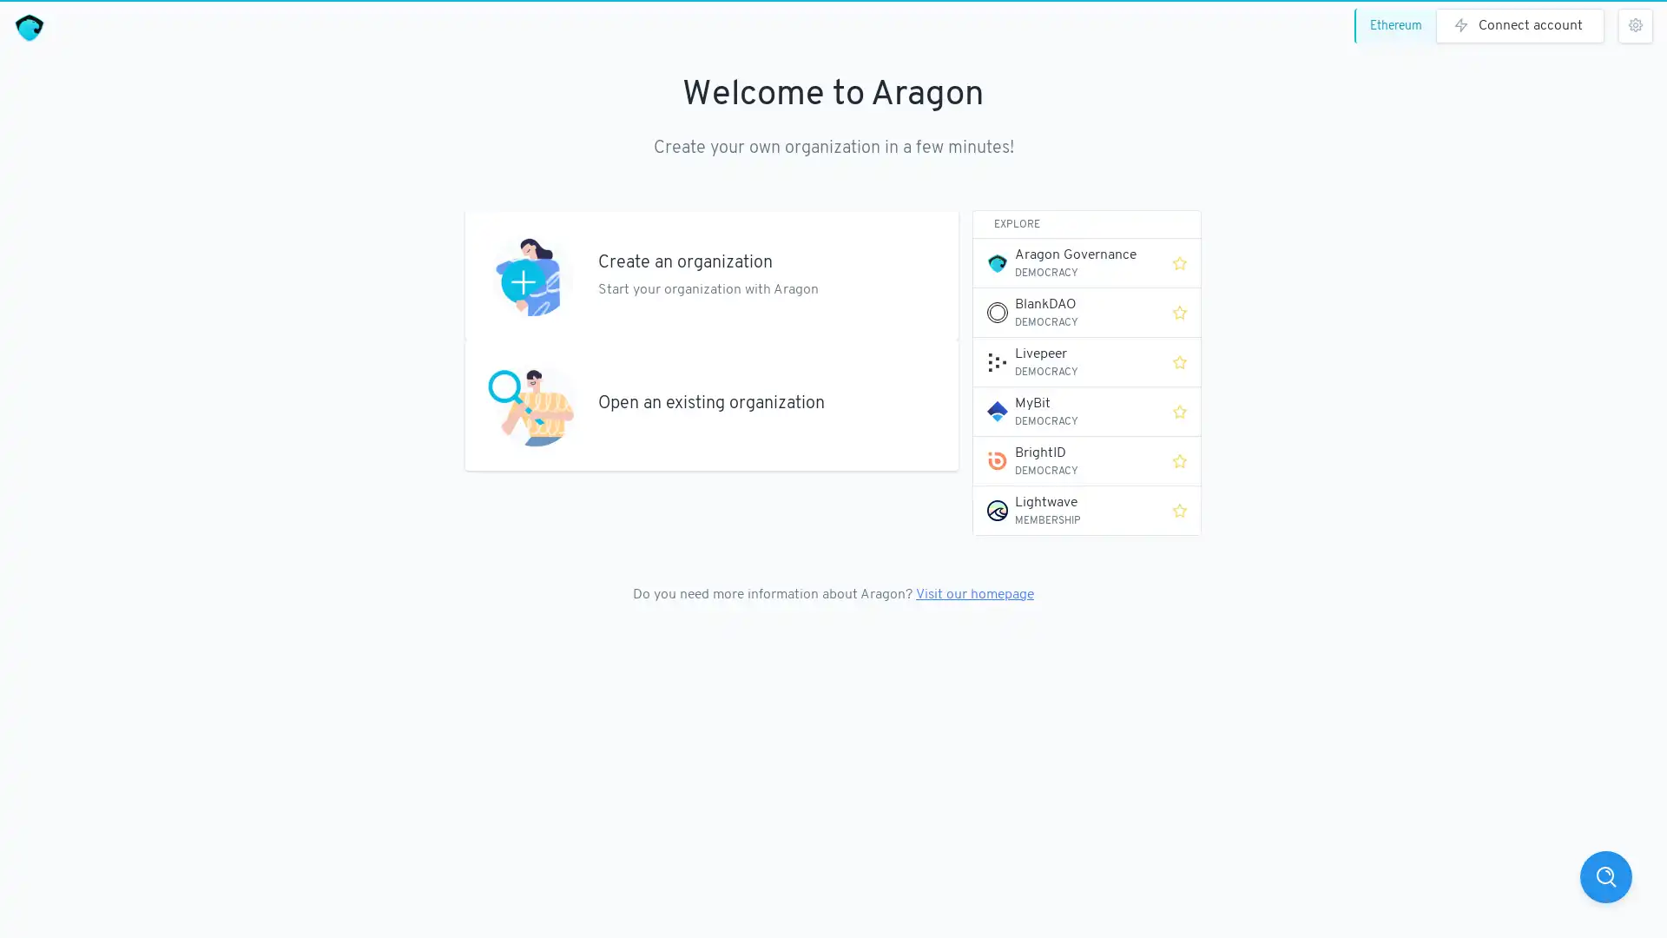 The width and height of the screenshot is (1667, 938). What do you see at coordinates (712, 274) in the screenshot?
I see `Create an organization Start your organization with Aragon` at bounding box center [712, 274].